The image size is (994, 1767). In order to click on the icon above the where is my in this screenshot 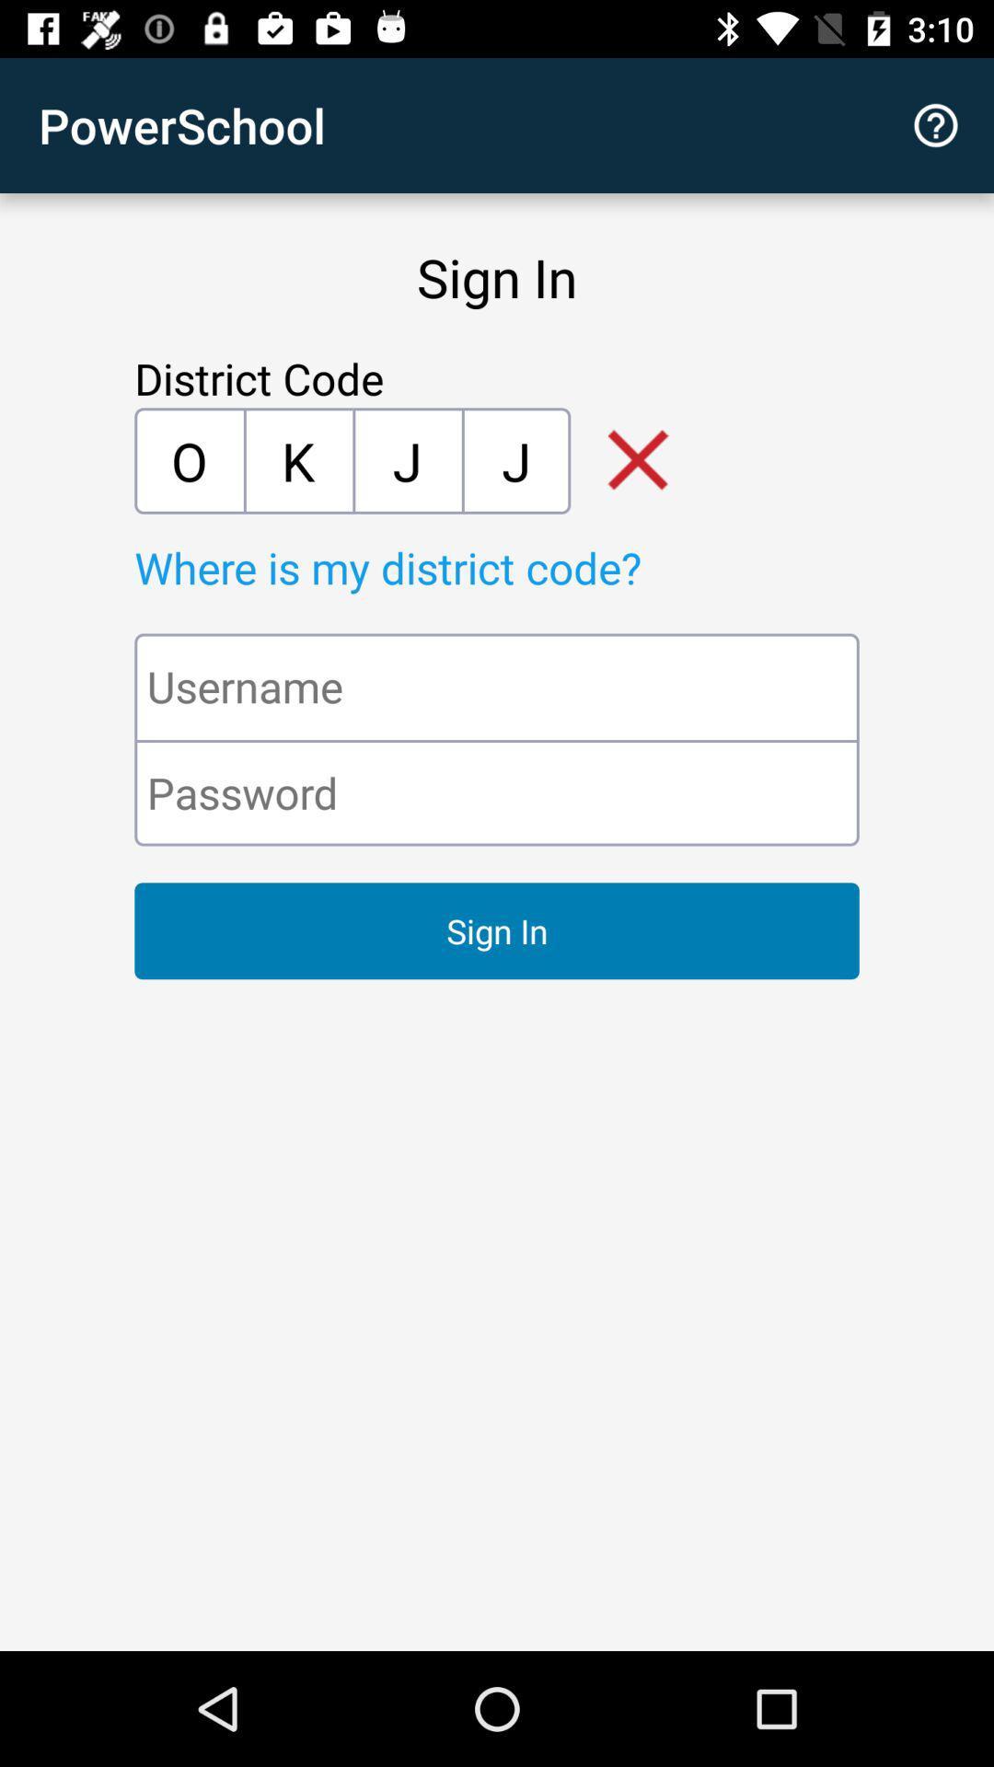, I will do `click(189, 460)`.